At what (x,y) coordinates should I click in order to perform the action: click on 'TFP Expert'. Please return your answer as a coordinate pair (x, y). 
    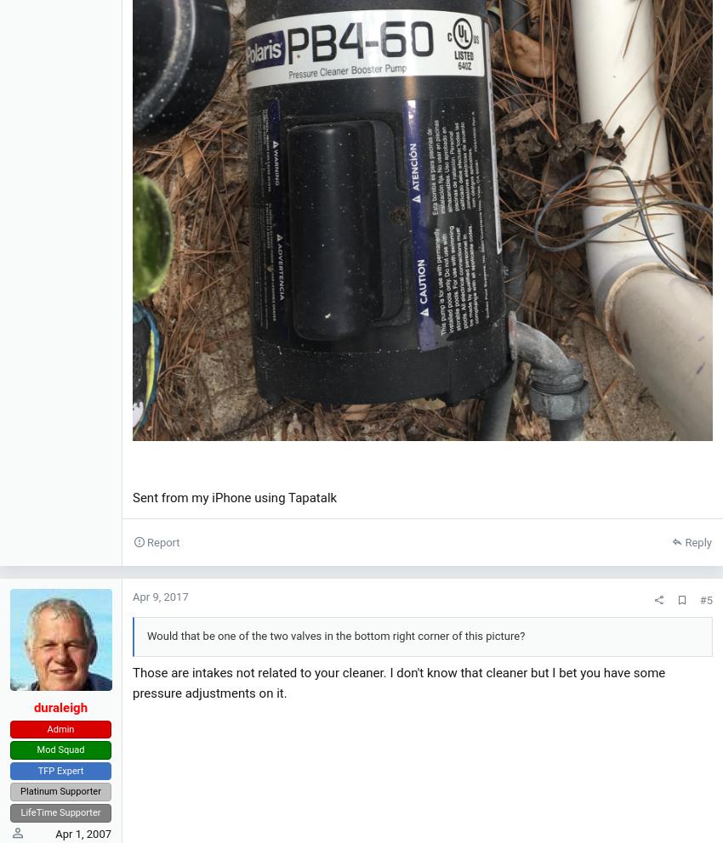
    Looking at the image, I should click on (60, 770).